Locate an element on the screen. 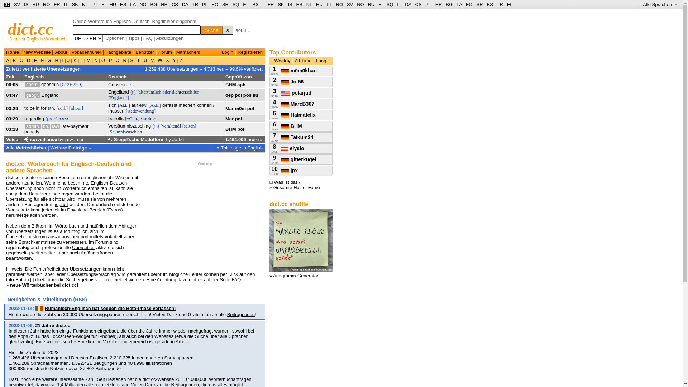 This screenshot has width=688, height=387. 'elysio' is located at coordinates (281, 148).